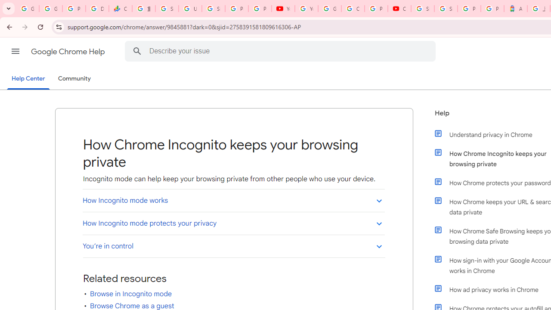 Image resolution: width=551 pixels, height=310 pixels. I want to click on 'Currencies - Google Finance', so click(120, 9).